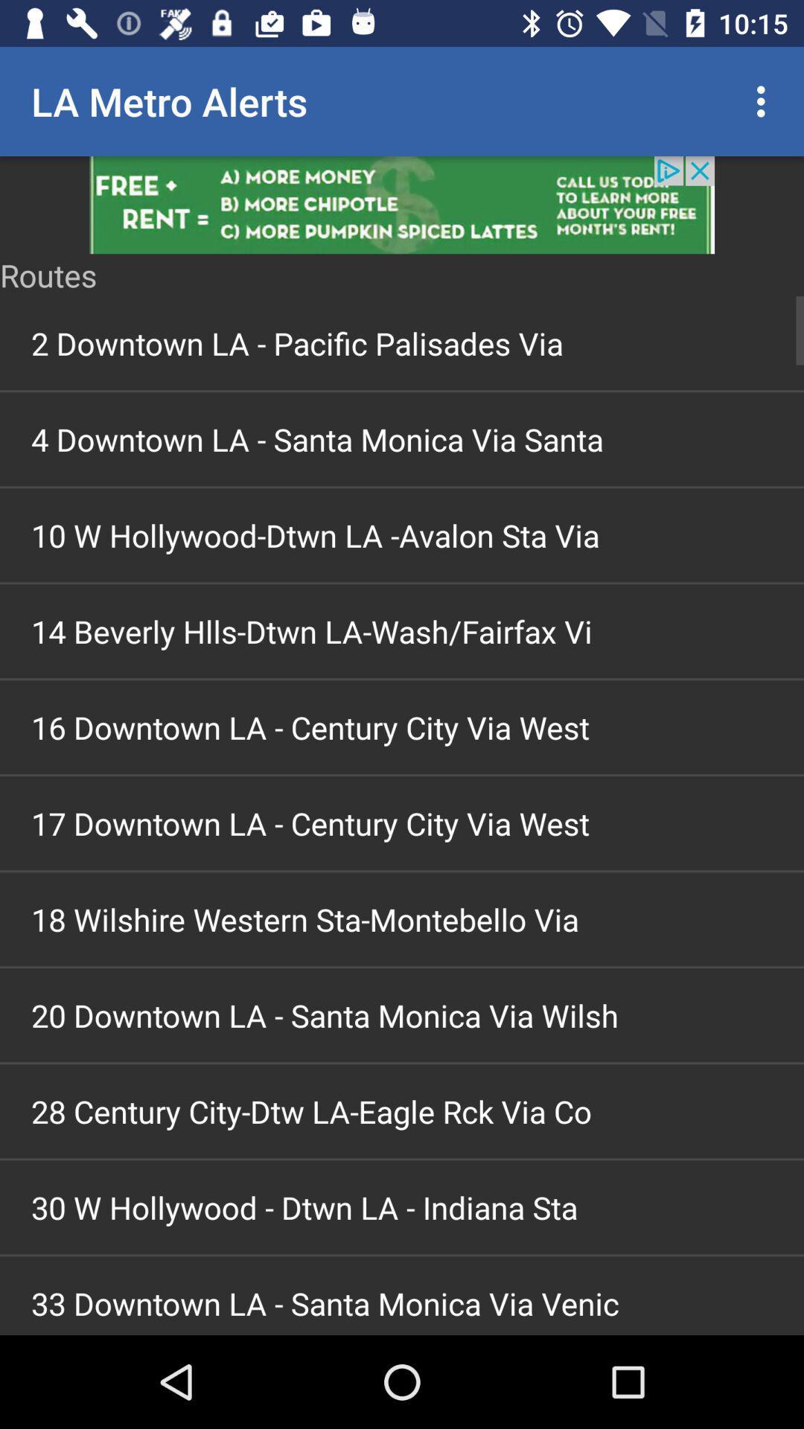  What do you see at coordinates (402, 204) in the screenshot?
I see `open the advertisement link` at bounding box center [402, 204].